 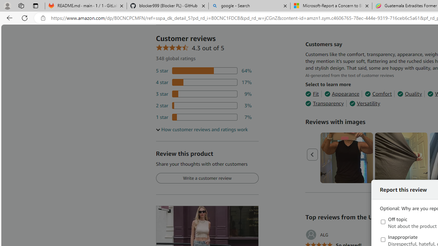 What do you see at coordinates (342, 94) in the screenshot?
I see `'Appearance'` at bounding box center [342, 94].